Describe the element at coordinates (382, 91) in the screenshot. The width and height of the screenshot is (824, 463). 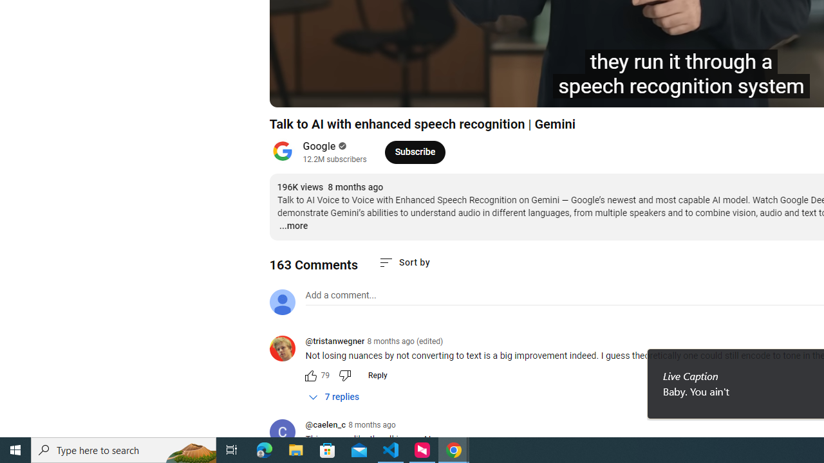
I see `'Mute (m)'` at that location.